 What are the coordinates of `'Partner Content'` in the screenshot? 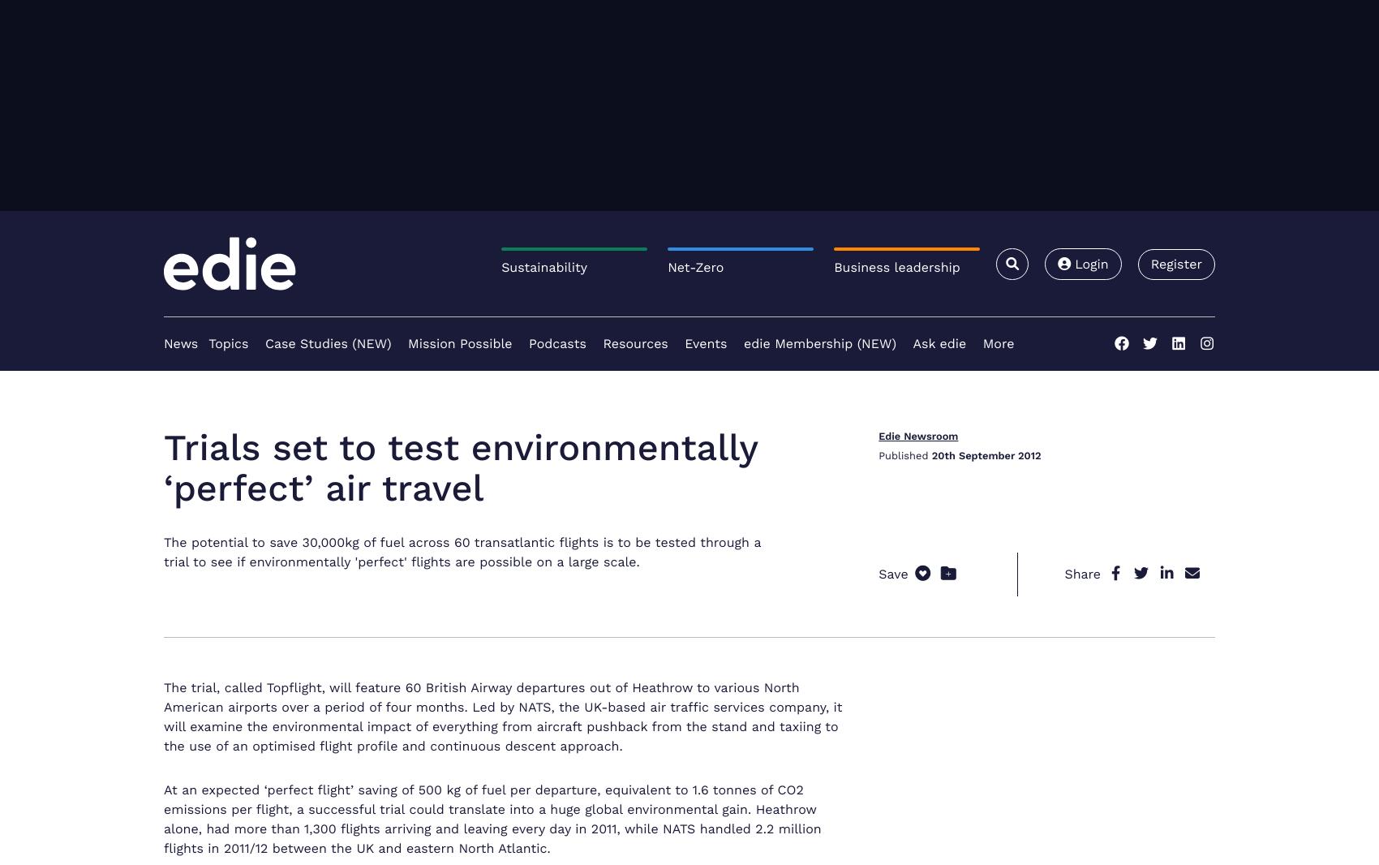 It's located at (239, 144).